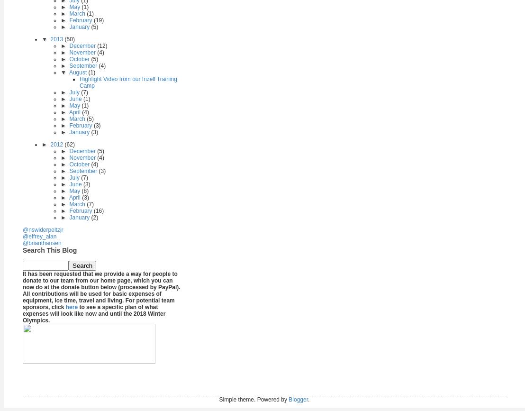 This screenshot has height=411, width=525. What do you see at coordinates (94, 313) in the screenshot?
I see `'to see a specific plan of what expenses will look like now and until the 2018 Winter Olympics.'` at bounding box center [94, 313].